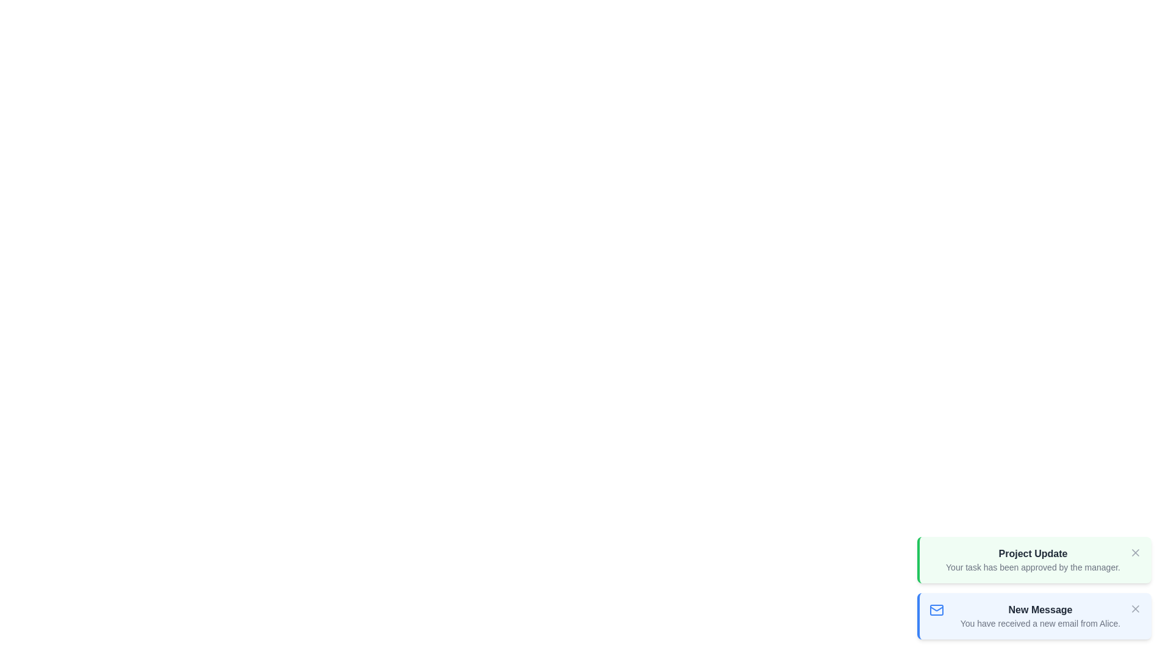 The width and height of the screenshot is (1171, 659). What do you see at coordinates (928, 610) in the screenshot?
I see `the icon representing the notification type for the first notification` at bounding box center [928, 610].